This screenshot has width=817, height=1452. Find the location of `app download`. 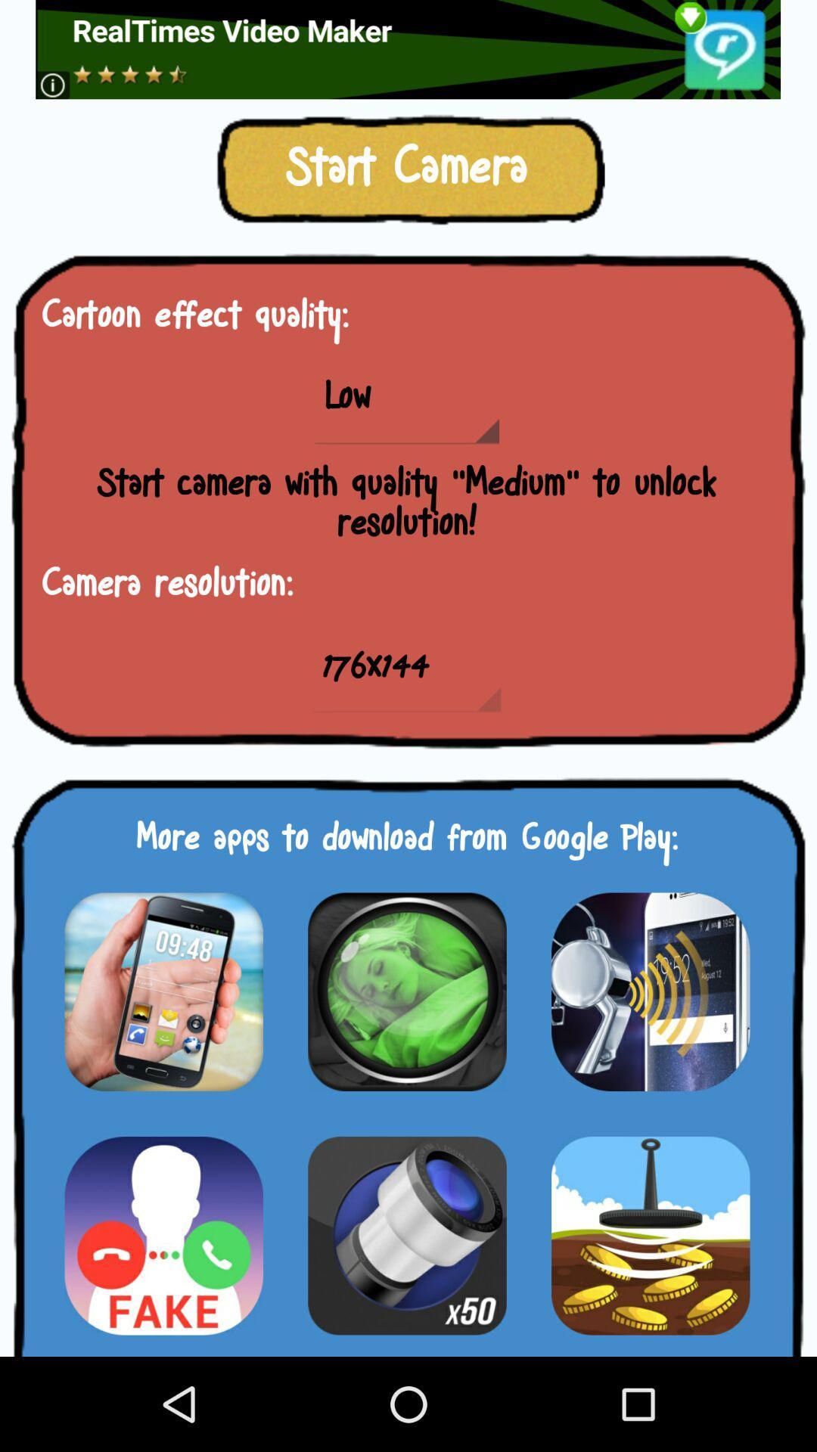

app download is located at coordinates (163, 1235).